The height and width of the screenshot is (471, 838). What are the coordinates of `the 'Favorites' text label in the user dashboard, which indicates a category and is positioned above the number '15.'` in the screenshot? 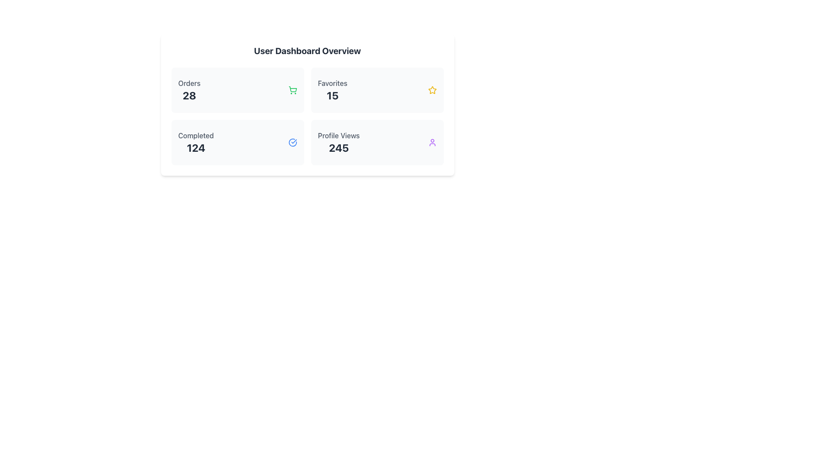 It's located at (332, 83).